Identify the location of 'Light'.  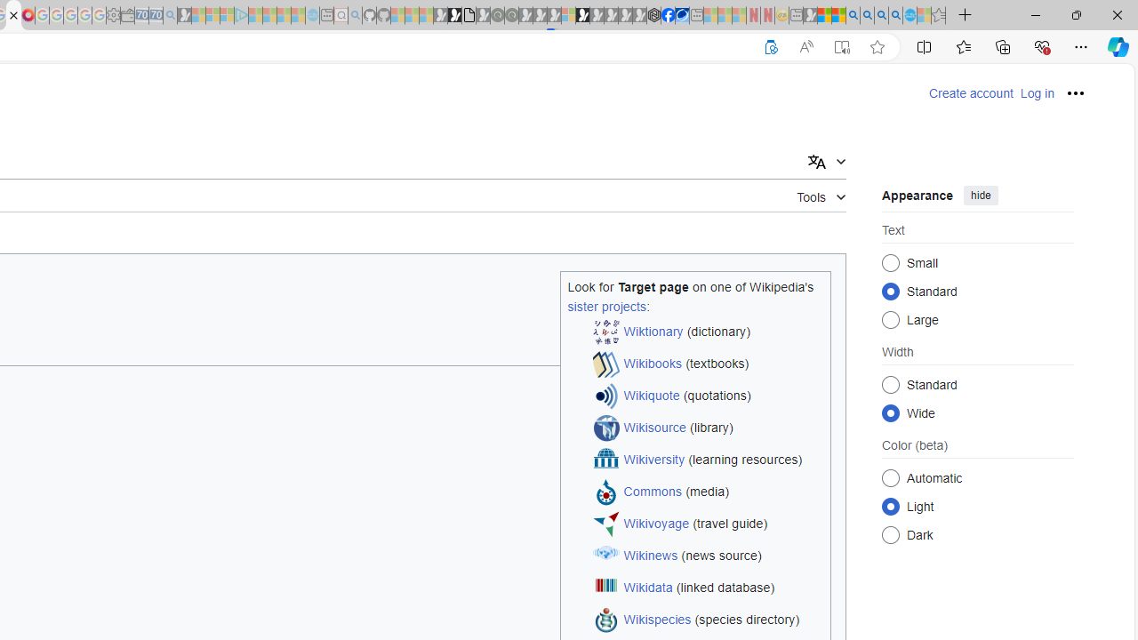
(891, 506).